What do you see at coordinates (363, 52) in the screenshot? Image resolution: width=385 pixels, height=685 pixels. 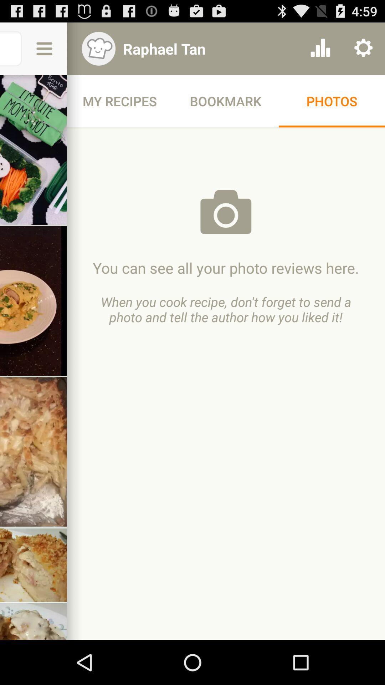 I see `the settings icon` at bounding box center [363, 52].